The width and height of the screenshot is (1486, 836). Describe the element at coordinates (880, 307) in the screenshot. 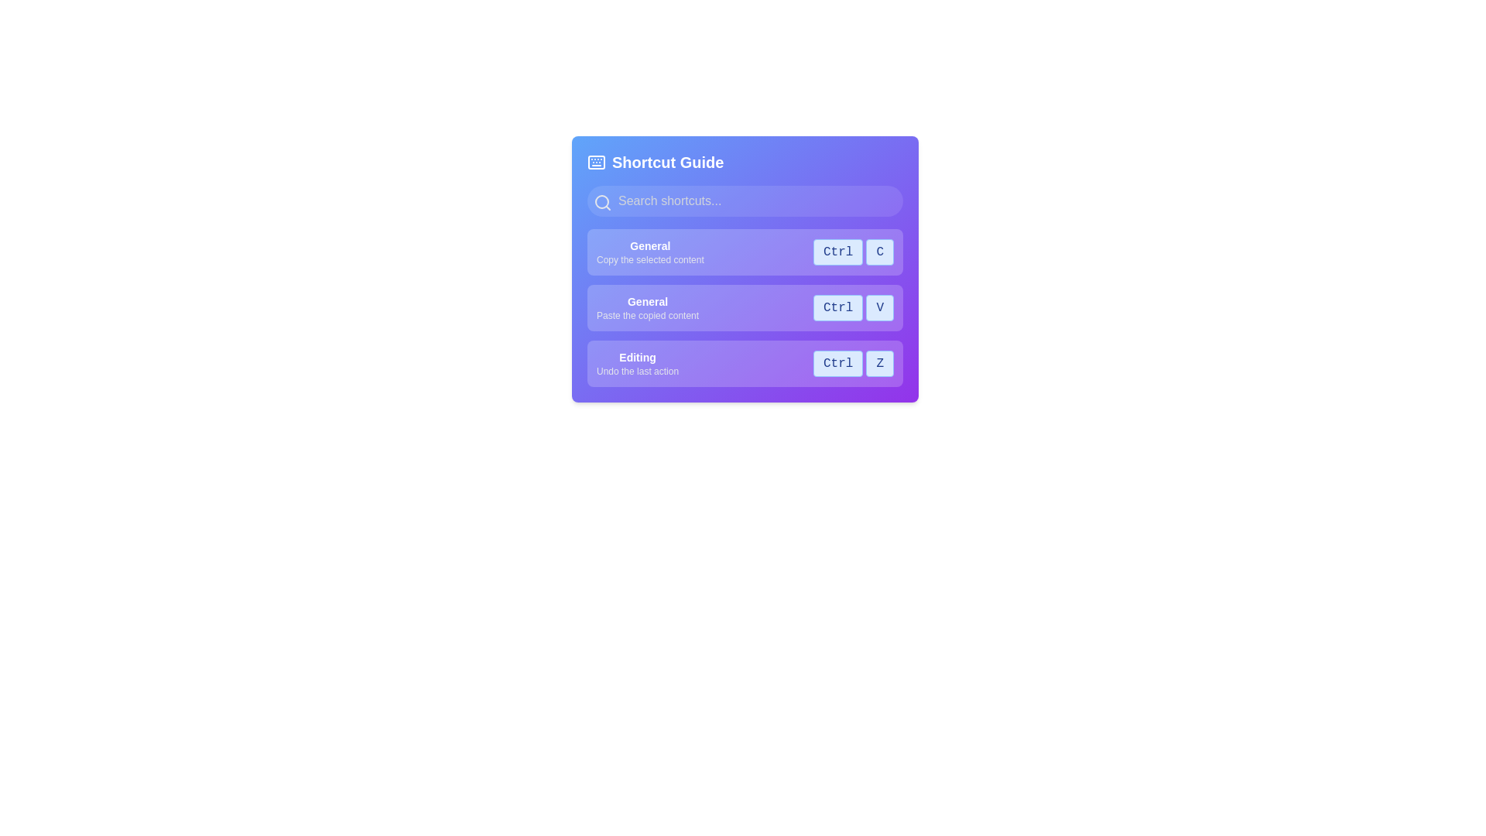

I see `the 'V' key visual label indicating the keyboard shortcut for pasting content, located to the right of the 'Ctrl' button in the shortcut guide interface` at that location.